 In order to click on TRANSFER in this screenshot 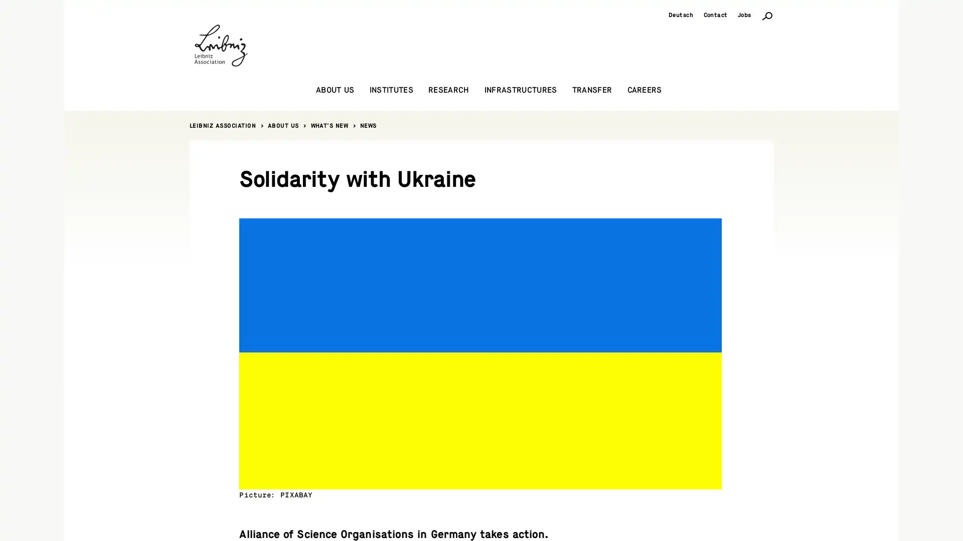, I will do `click(592, 90)`.